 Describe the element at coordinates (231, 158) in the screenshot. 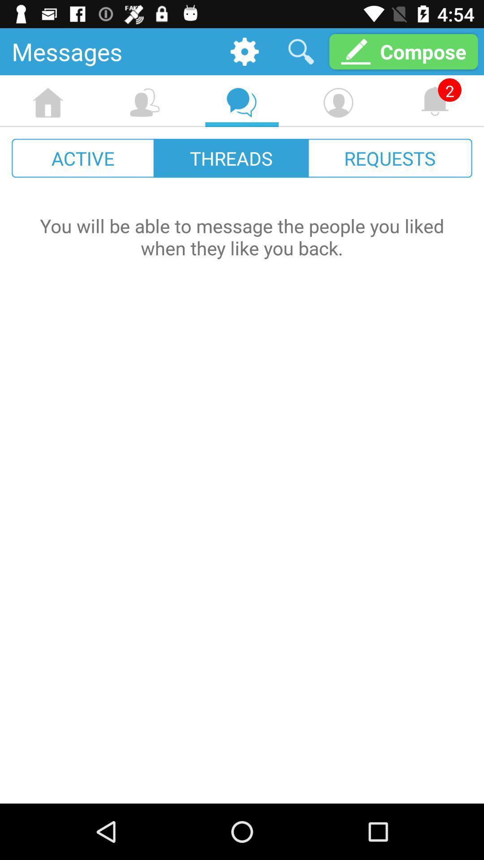

I see `item above the you will be icon` at that location.